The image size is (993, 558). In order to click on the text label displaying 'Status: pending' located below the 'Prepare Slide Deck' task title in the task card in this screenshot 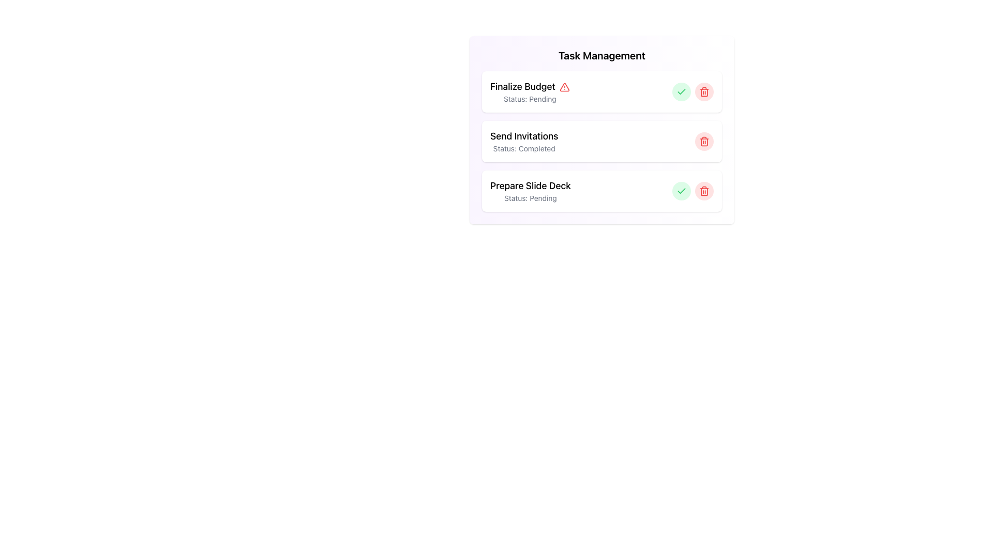, I will do `click(530, 198)`.